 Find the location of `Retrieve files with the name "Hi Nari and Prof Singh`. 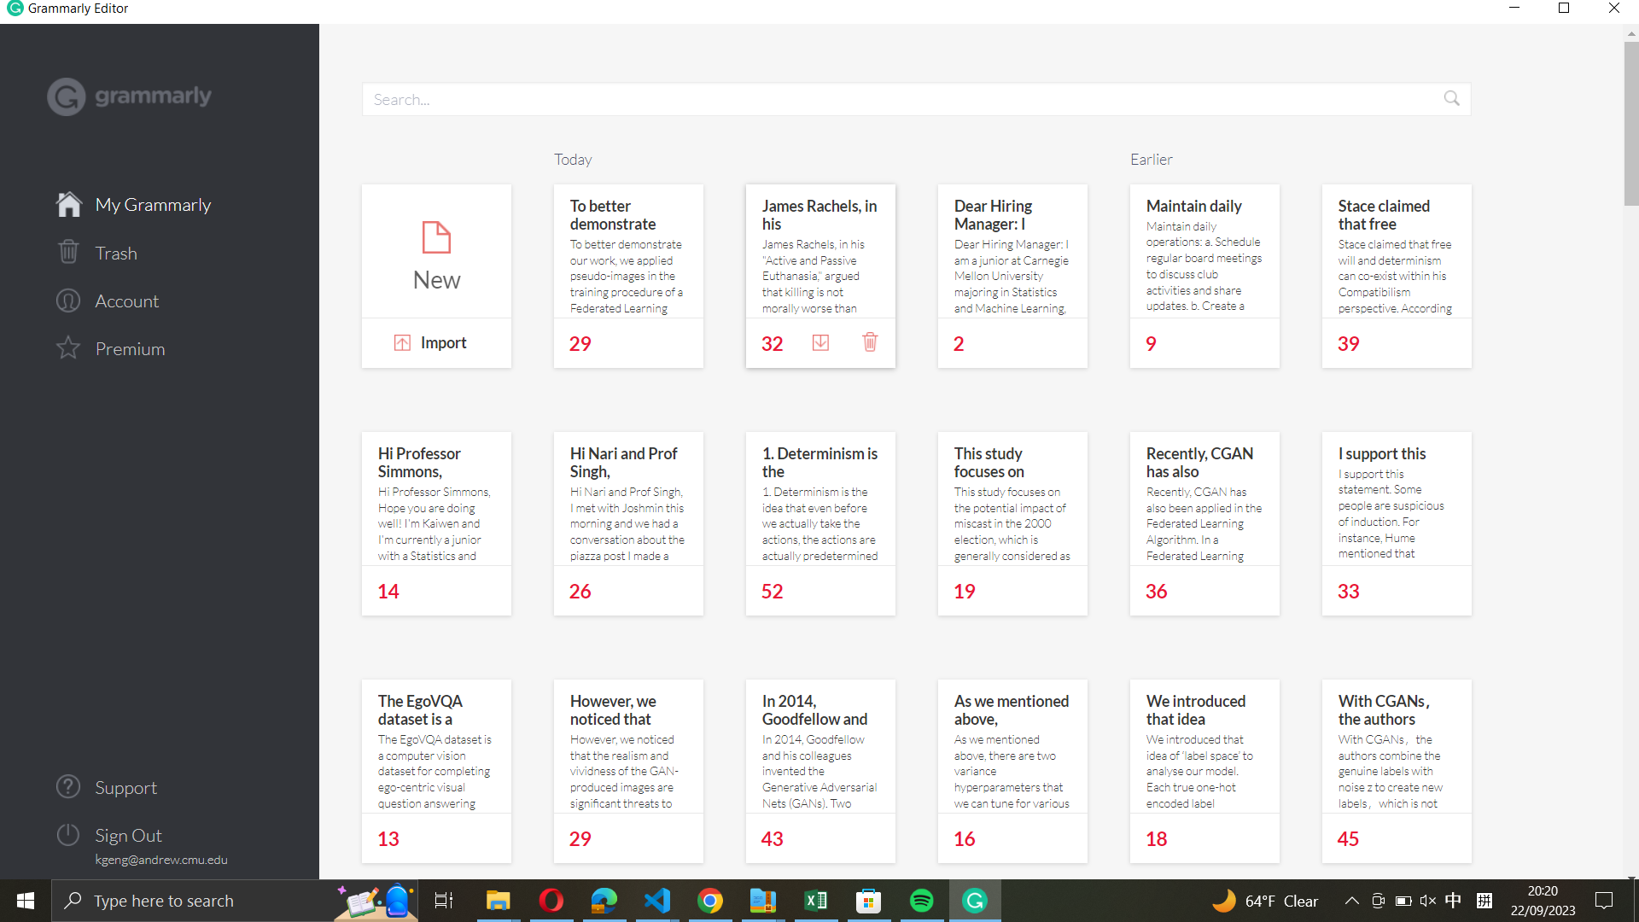

Retrieve files with the name "Hi Nari and Prof Singh is located at coordinates (900, 98).